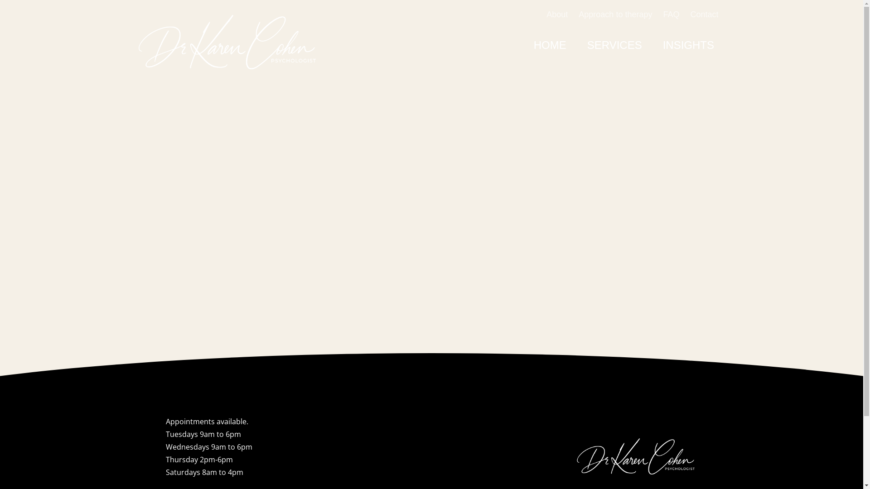  Describe the element at coordinates (556, 14) in the screenshot. I see `'About'` at that location.